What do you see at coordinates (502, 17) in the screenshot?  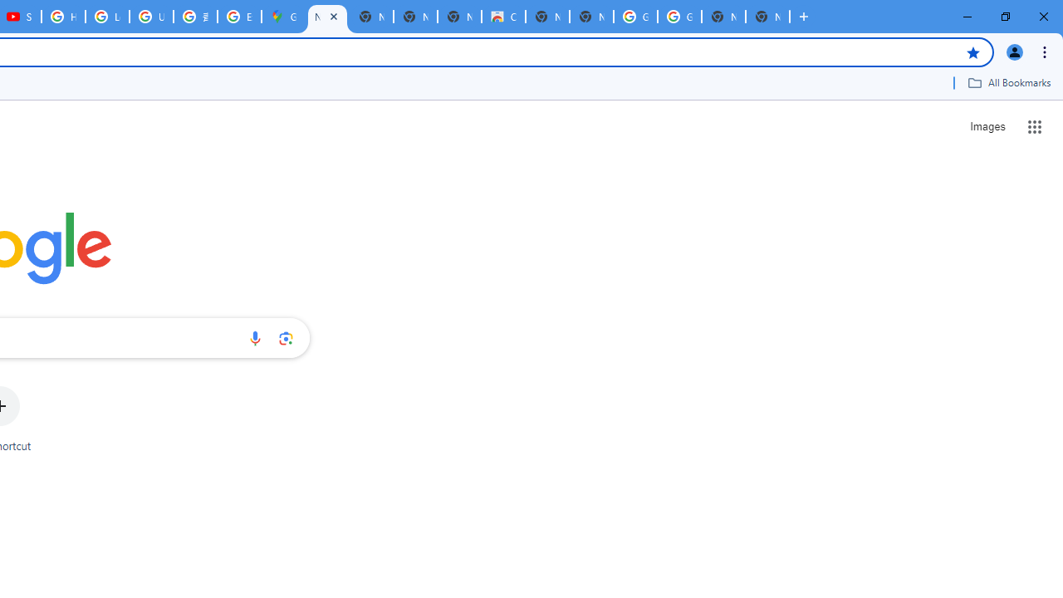 I see `'Chrome Web Store'` at bounding box center [502, 17].